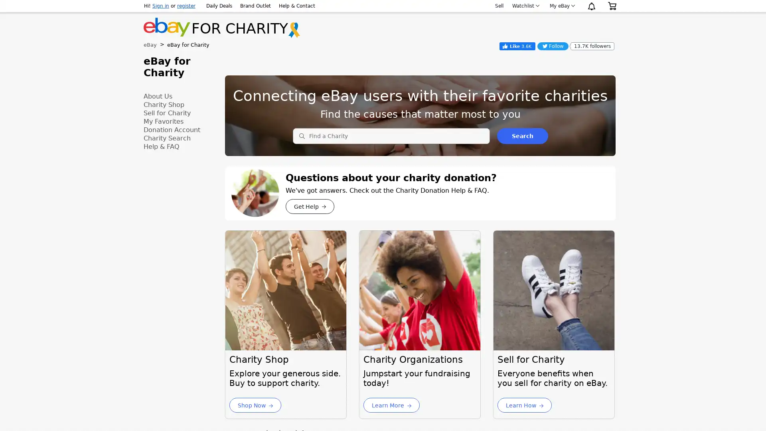  I want to click on Search, so click(522, 135).